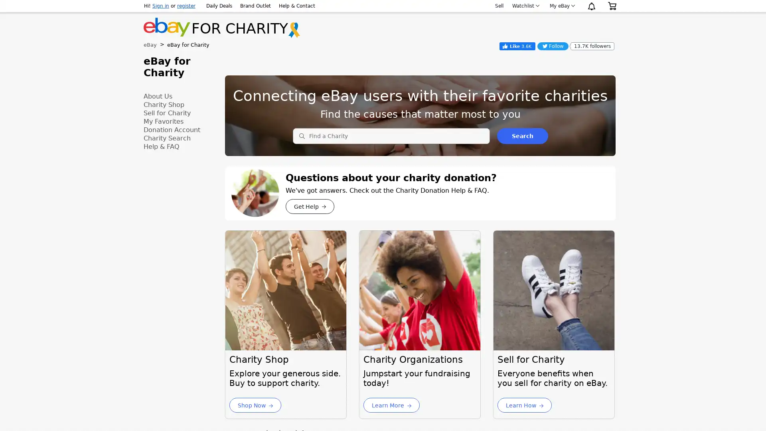  I want to click on Search, so click(522, 135).